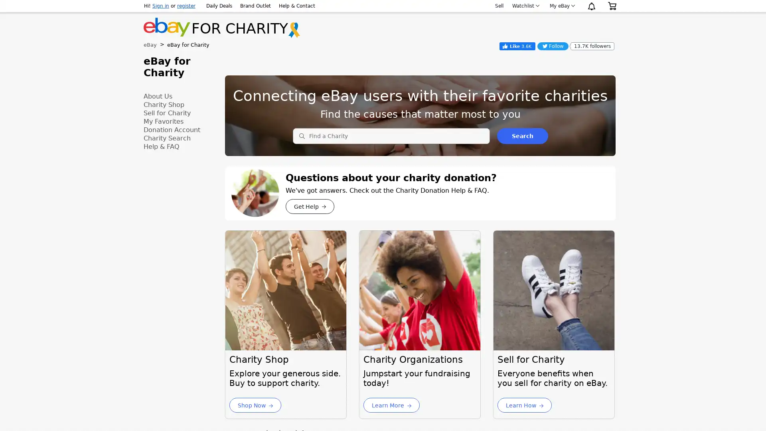  I want to click on Search, so click(522, 135).